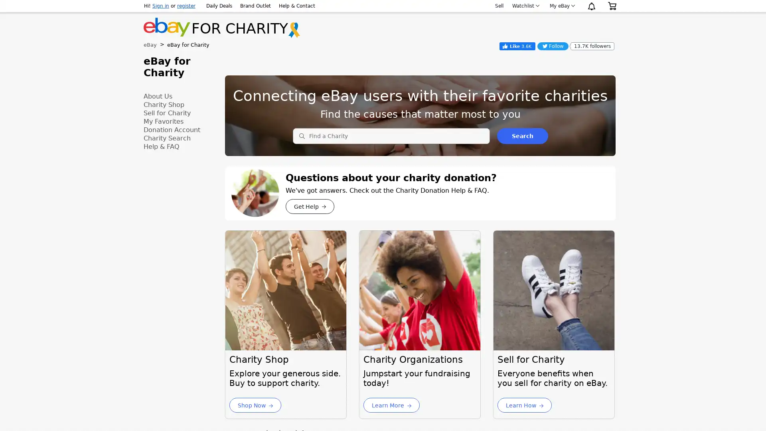  I want to click on Search, so click(522, 135).